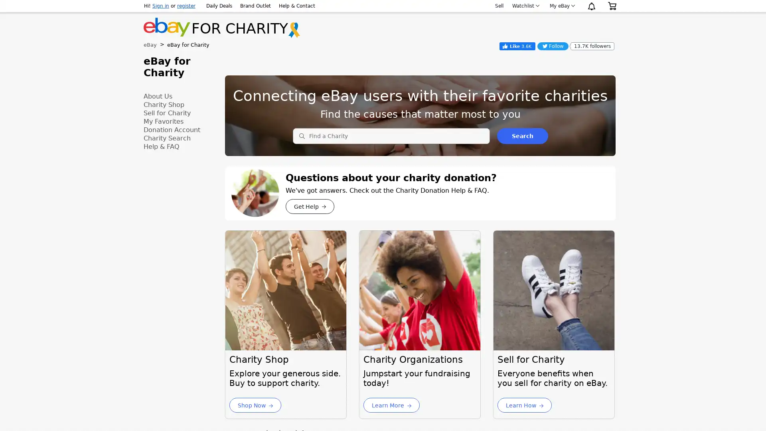  I want to click on Search, so click(522, 135).